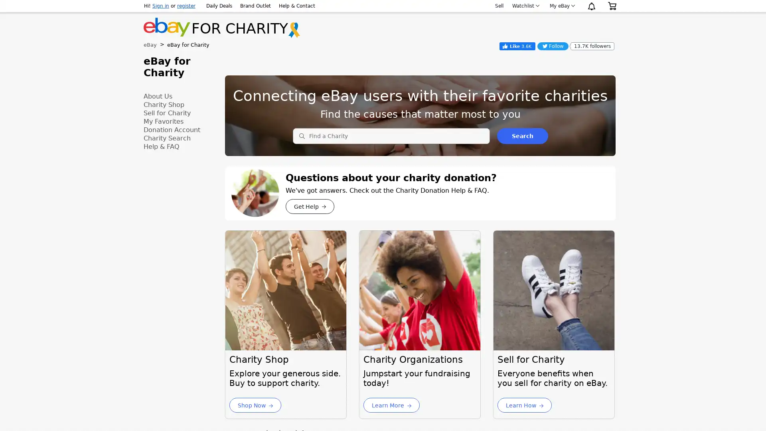  I want to click on Search, so click(522, 135).